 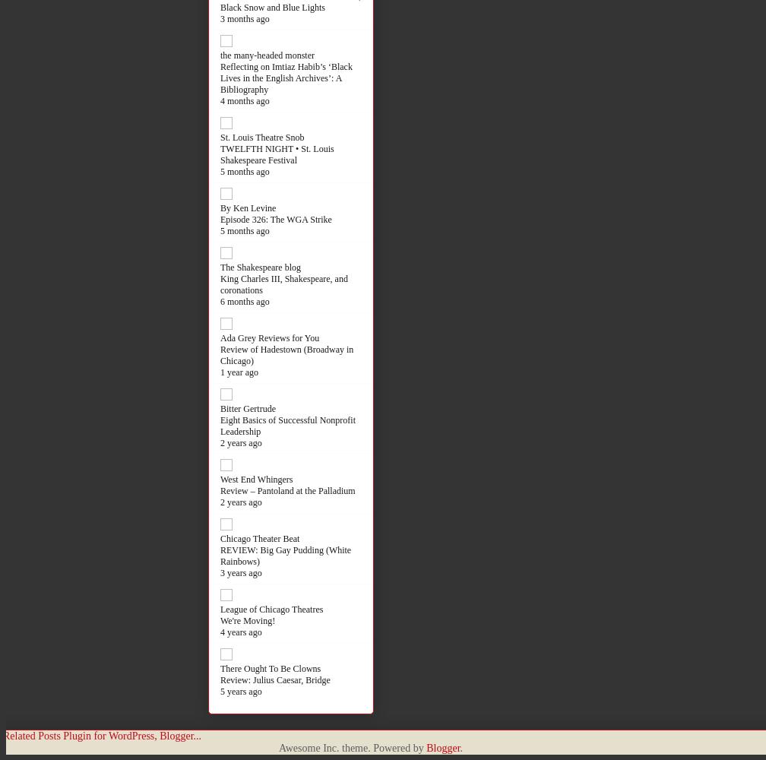 What do you see at coordinates (461, 746) in the screenshot?
I see `'.'` at bounding box center [461, 746].